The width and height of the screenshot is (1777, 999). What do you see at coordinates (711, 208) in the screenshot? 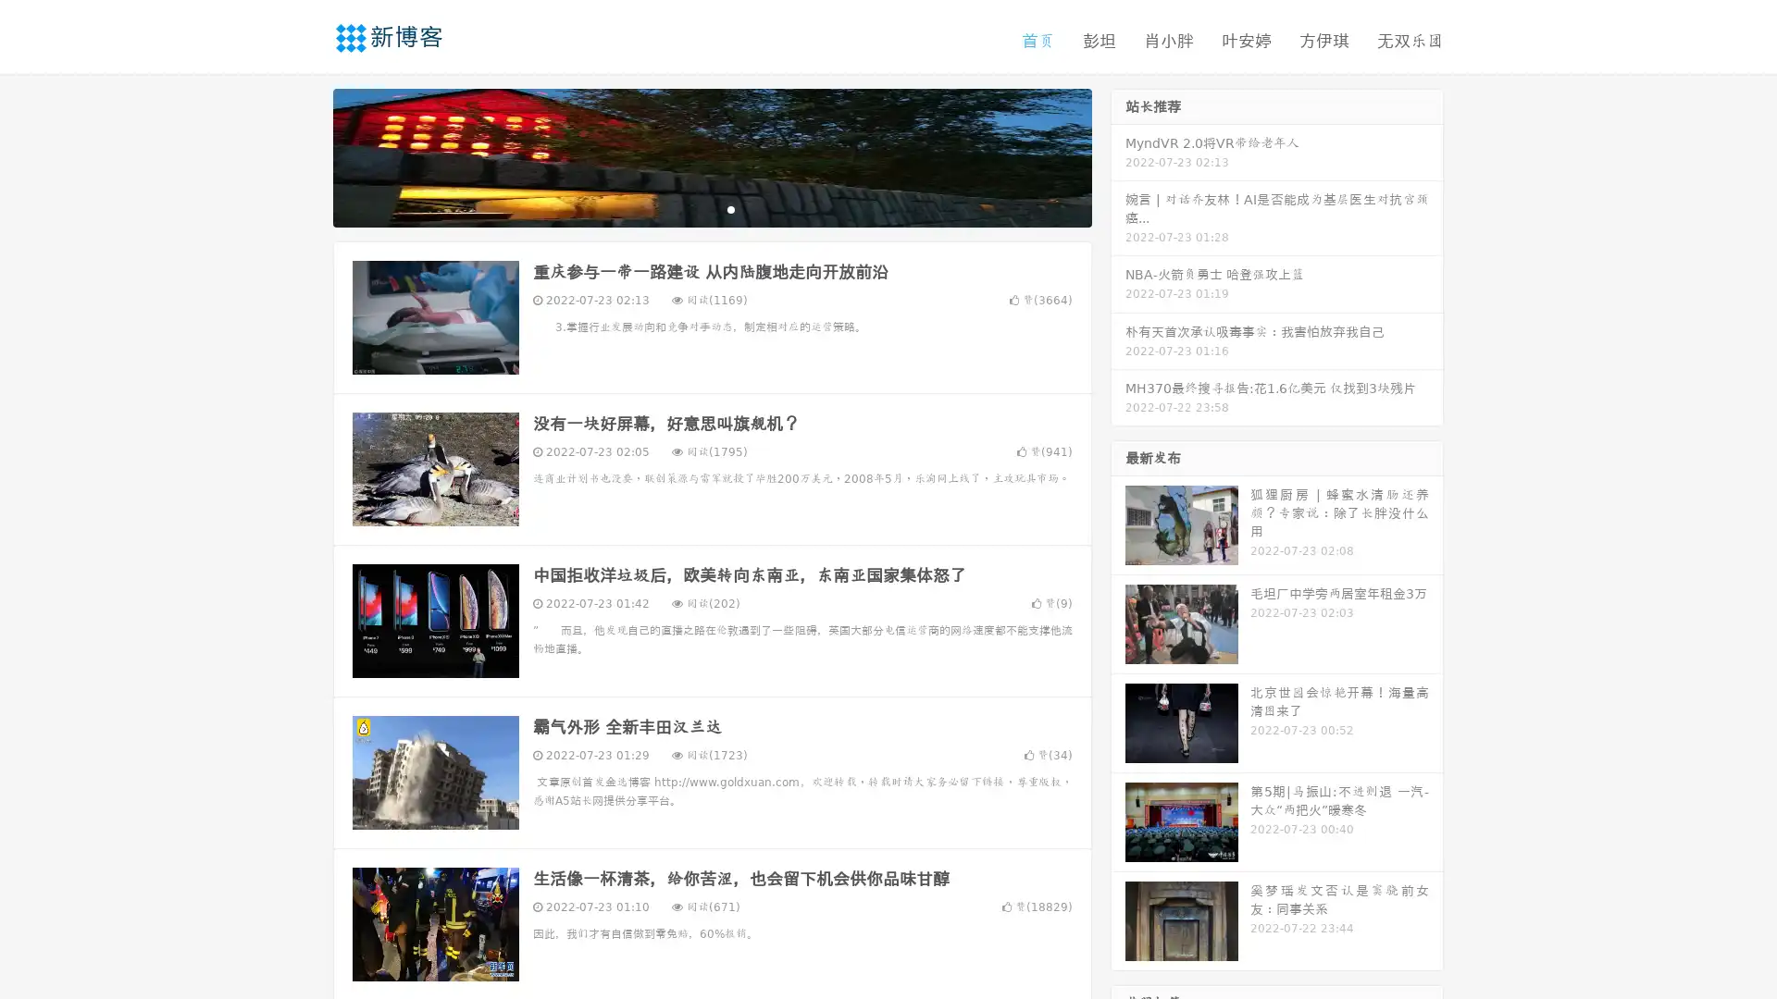
I see `Go to slide 2` at bounding box center [711, 208].